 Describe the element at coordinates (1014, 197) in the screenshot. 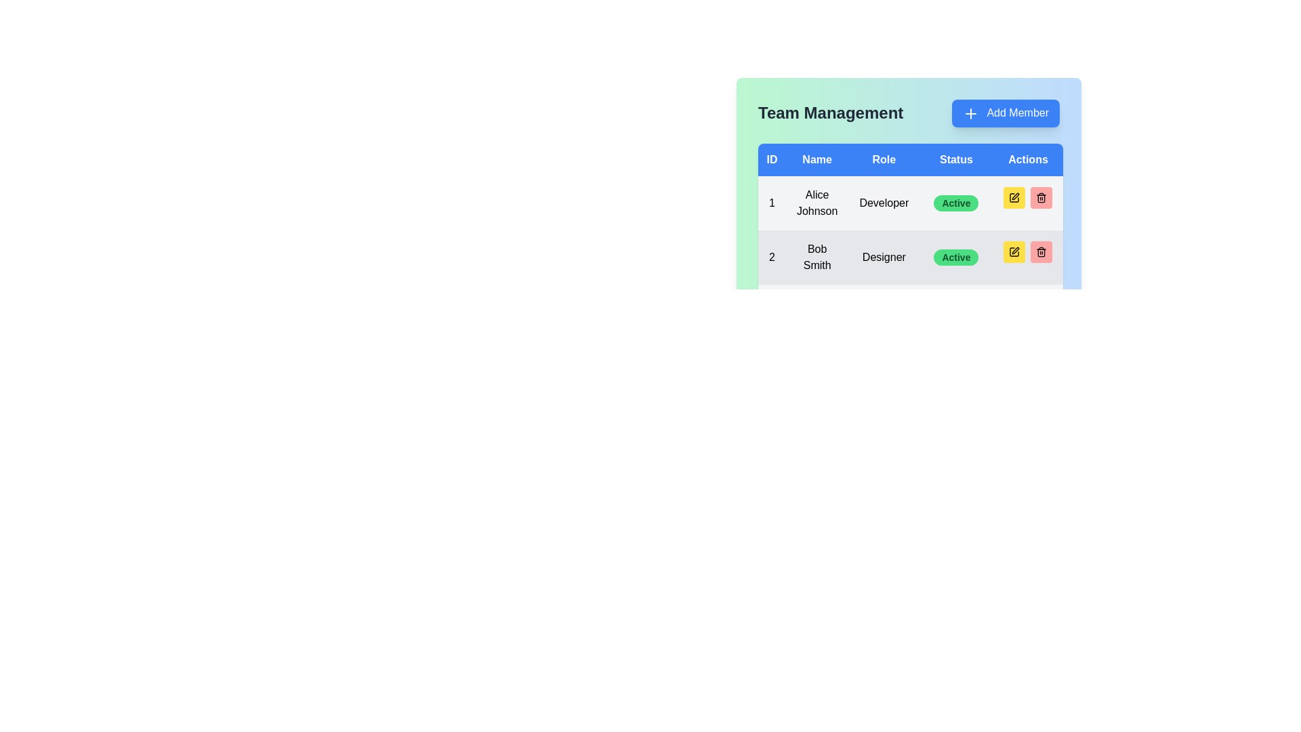

I see `the edit button in the 'Actions' column for the user 'Alice Johnson'` at that location.